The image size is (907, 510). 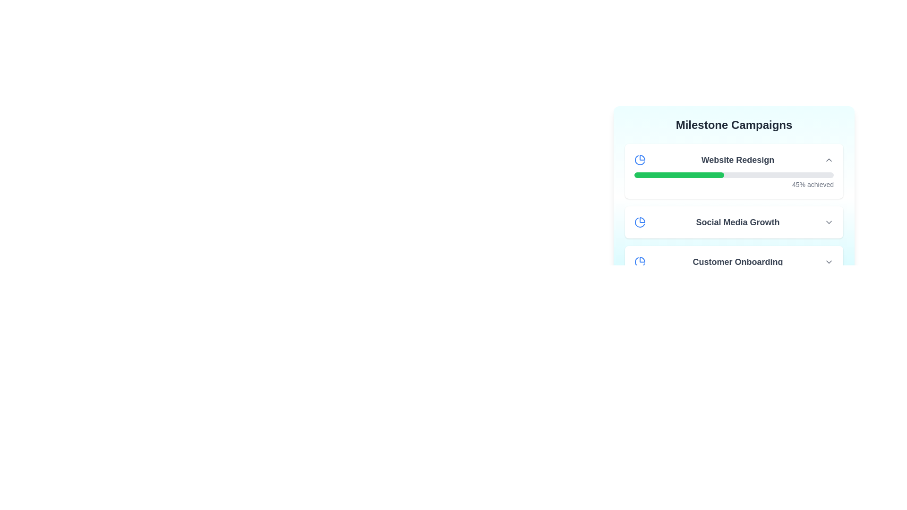 I want to click on the pie chart icon styled in blue that is located next to the text 'Customer Onboarding', so click(x=640, y=262).